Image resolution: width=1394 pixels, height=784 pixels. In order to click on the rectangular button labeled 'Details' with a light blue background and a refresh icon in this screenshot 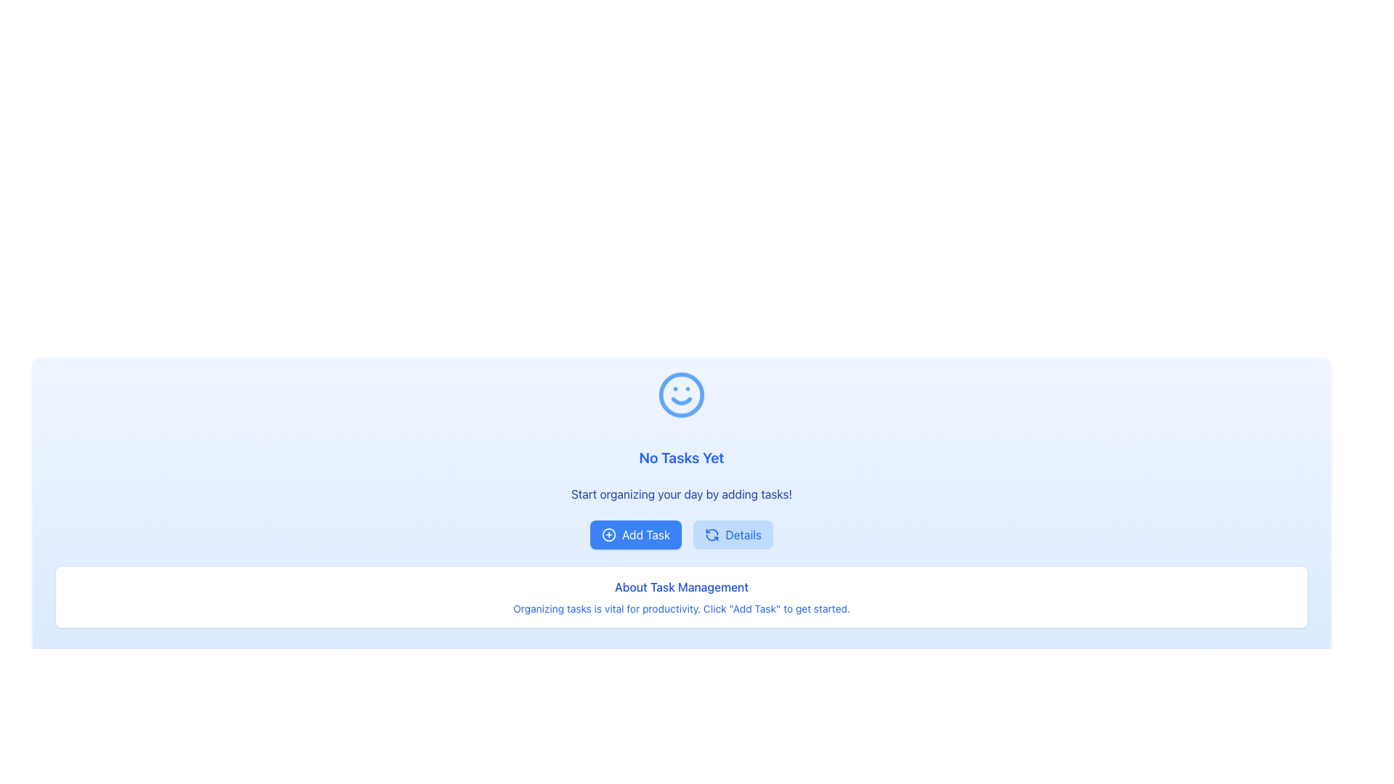, I will do `click(733, 534)`.